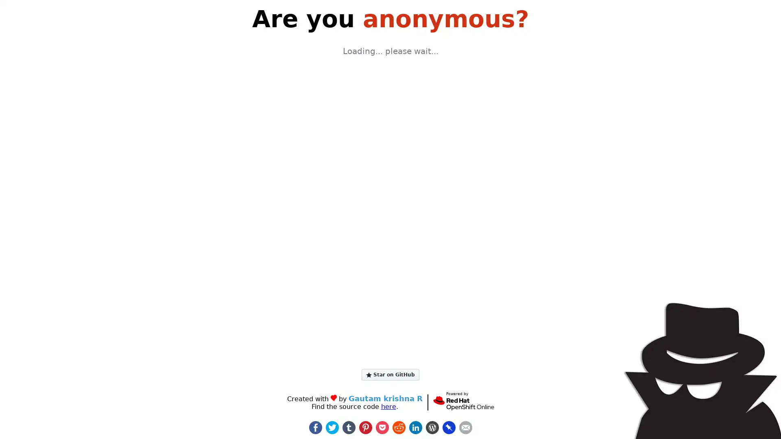  What do you see at coordinates (390, 165) in the screenshot?
I see `See the magic!` at bounding box center [390, 165].